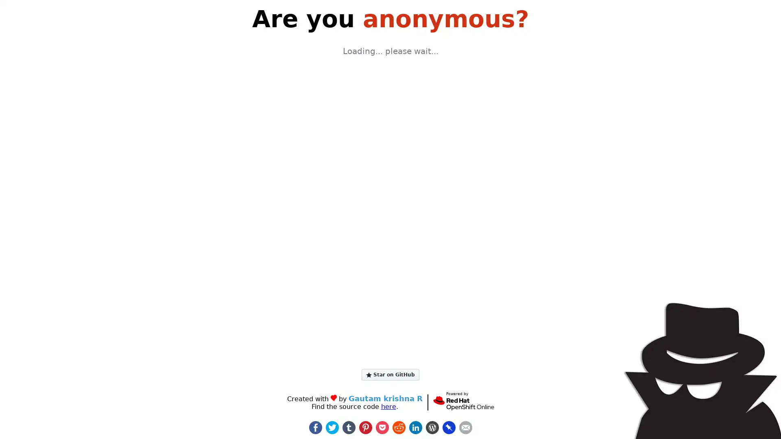  What do you see at coordinates (390, 165) in the screenshot?
I see `See the magic!` at bounding box center [390, 165].